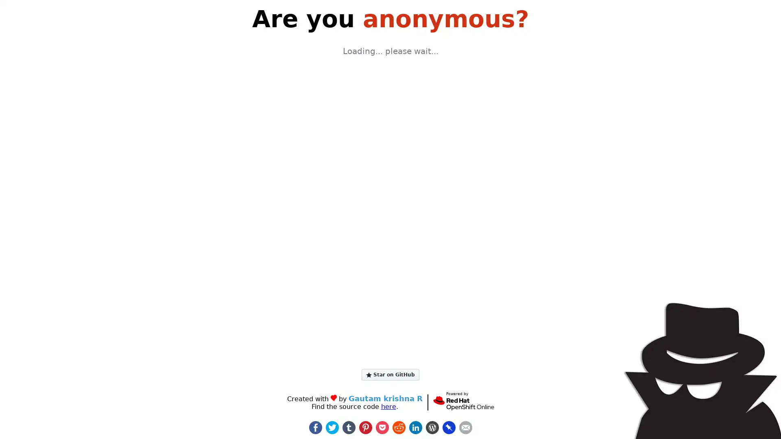  What do you see at coordinates (390, 165) in the screenshot?
I see `See the magic!` at bounding box center [390, 165].